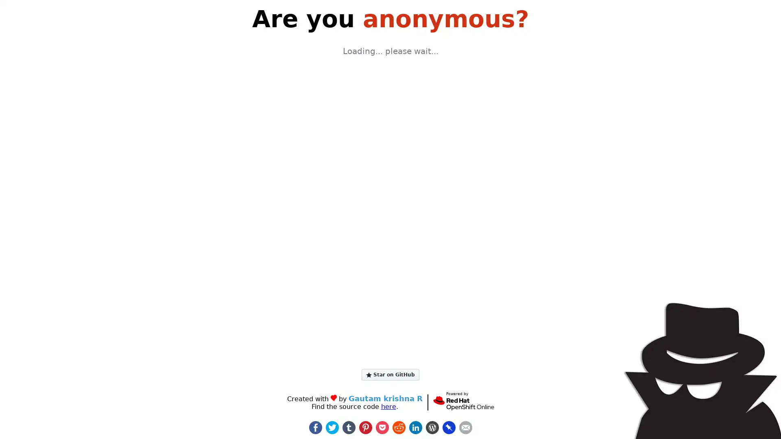  What do you see at coordinates (390, 165) in the screenshot?
I see `See the magic!` at bounding box center [390, 165].